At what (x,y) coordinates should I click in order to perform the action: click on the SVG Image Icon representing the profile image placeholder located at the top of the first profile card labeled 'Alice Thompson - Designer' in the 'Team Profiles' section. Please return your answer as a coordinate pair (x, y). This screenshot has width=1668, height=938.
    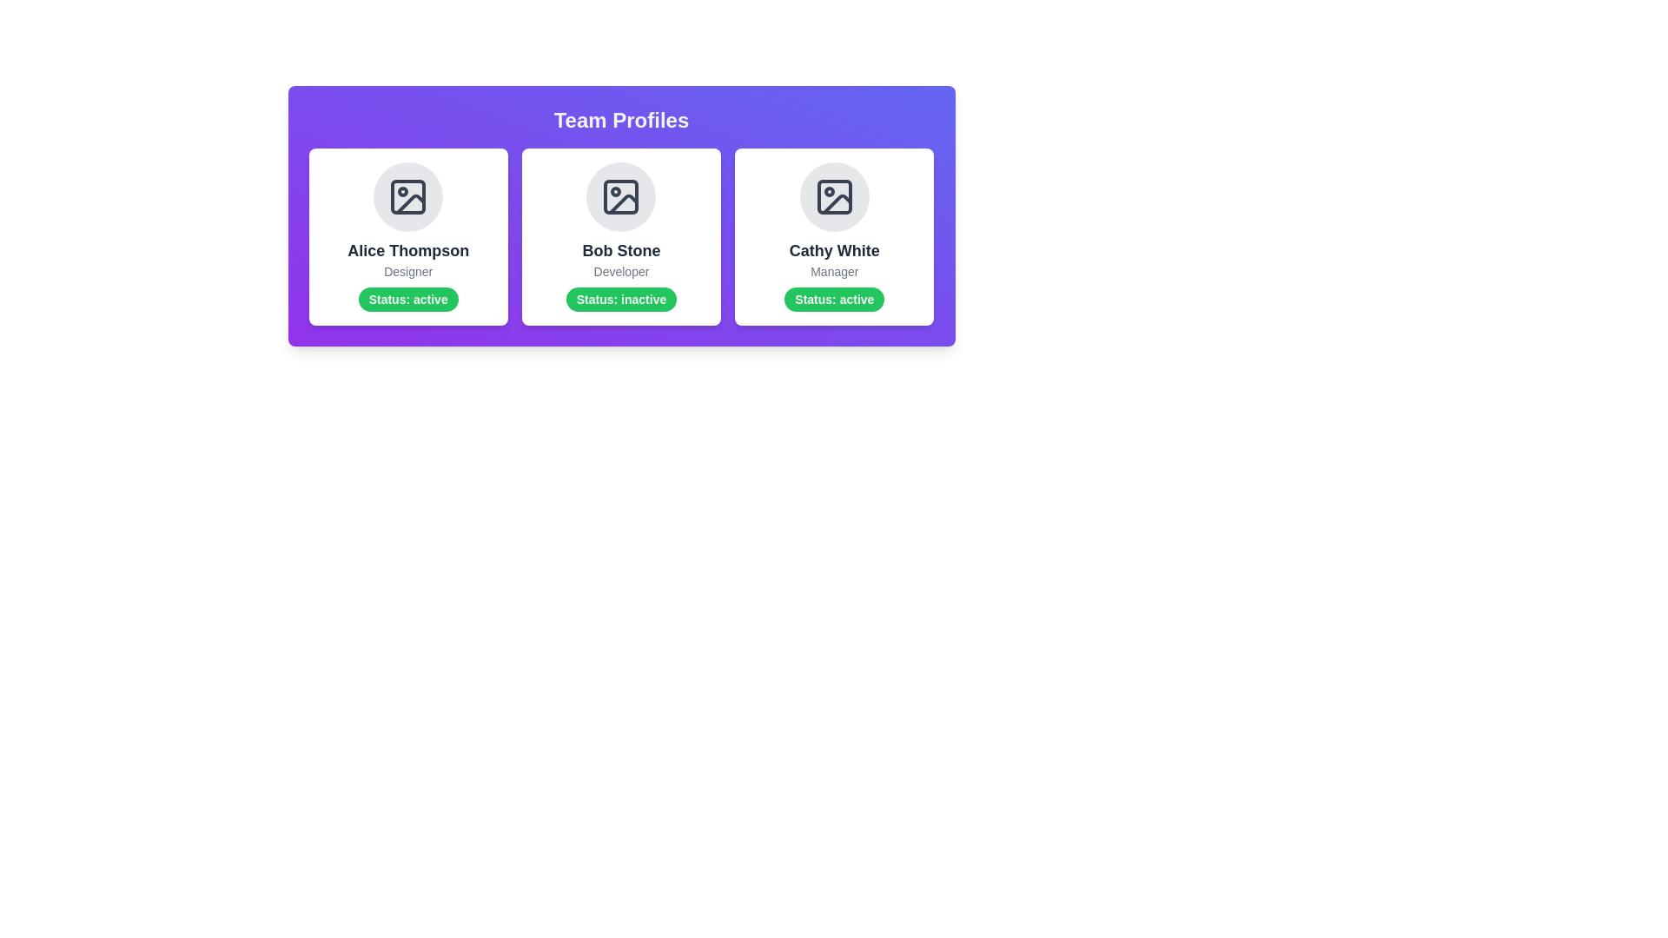
    Looking at the image, I should click on (407, 196).